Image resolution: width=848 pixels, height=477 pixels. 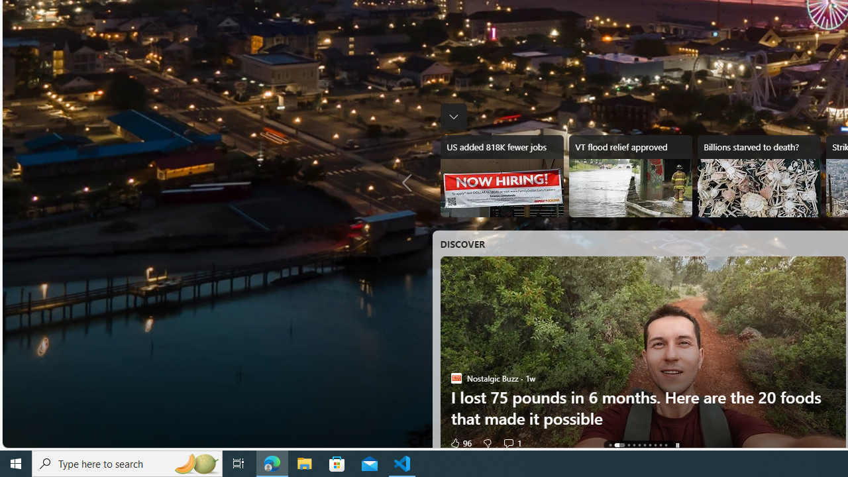 What do you see at coordinates (609, 445) in the screenshot?
I see `'AutomationID: tab-0'` at bounding box center [609, 445].